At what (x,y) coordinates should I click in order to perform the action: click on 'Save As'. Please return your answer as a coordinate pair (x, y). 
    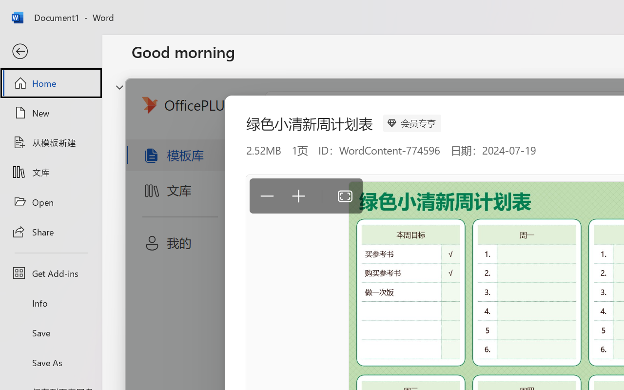
    Looking at the image, I should click on (50, 362).